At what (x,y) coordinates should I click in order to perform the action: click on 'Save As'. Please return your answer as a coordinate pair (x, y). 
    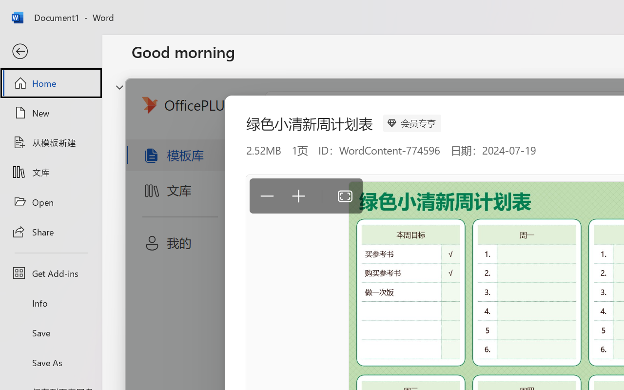
    Looking at the image, I should click on (50, 362).